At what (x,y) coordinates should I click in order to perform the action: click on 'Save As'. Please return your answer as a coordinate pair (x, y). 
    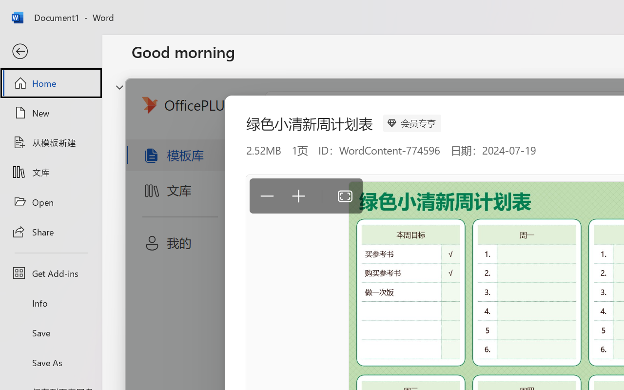
    Looking at the image, I should click on (50, 362).